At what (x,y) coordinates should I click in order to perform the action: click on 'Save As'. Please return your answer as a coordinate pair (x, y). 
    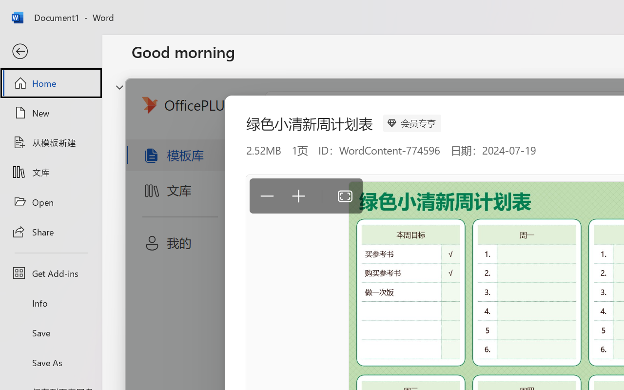
    Looking at the image, I should click on (50, 362).